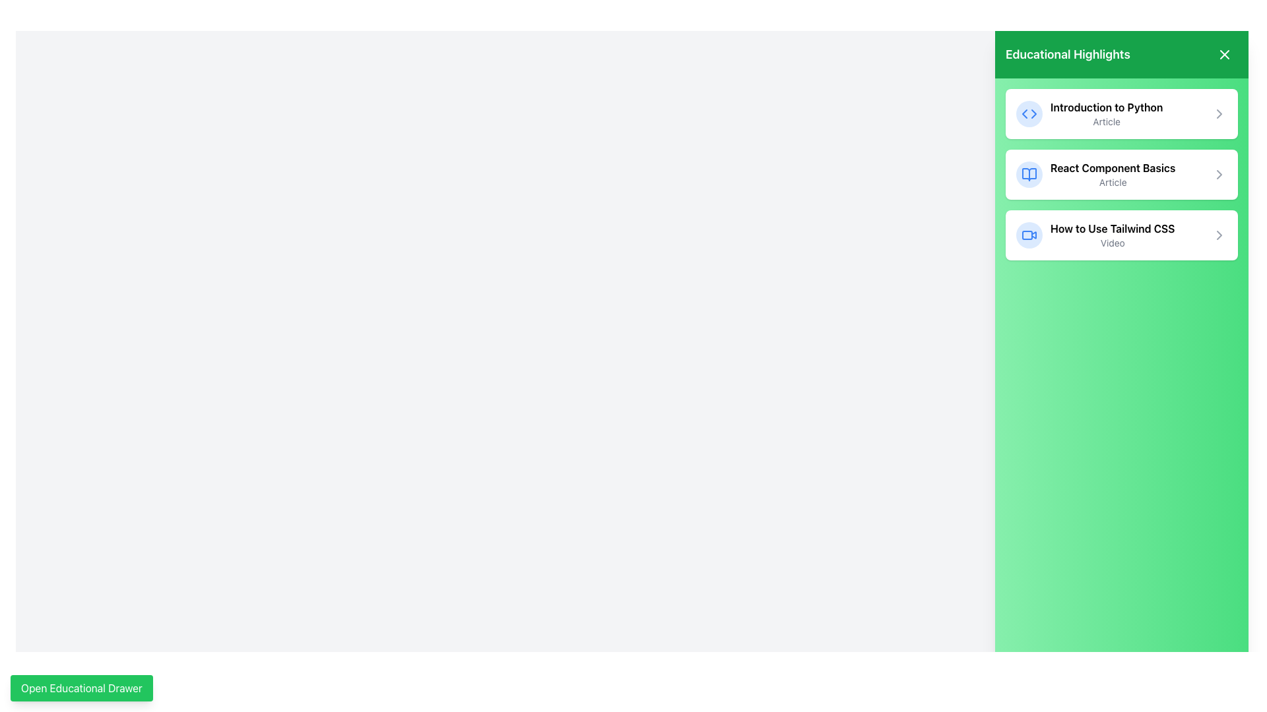 This screenshot has width=1267, height=712. What do you see at coordinates (1112, 167) in the screenshot?
I see `the text label that serves as the title for the educational resource about React Component Basics, located in the second item of the 'Educational Highlights' sidebar` at bounding box center [1112, 167].